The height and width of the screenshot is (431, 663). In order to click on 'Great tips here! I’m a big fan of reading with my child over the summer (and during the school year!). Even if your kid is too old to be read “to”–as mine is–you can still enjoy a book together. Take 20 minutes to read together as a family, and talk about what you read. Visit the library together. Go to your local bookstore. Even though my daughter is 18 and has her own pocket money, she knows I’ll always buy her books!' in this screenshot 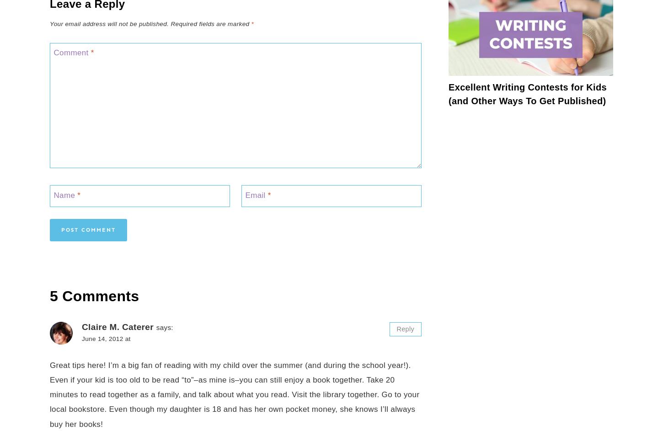, I will do `click(235, 394)`.